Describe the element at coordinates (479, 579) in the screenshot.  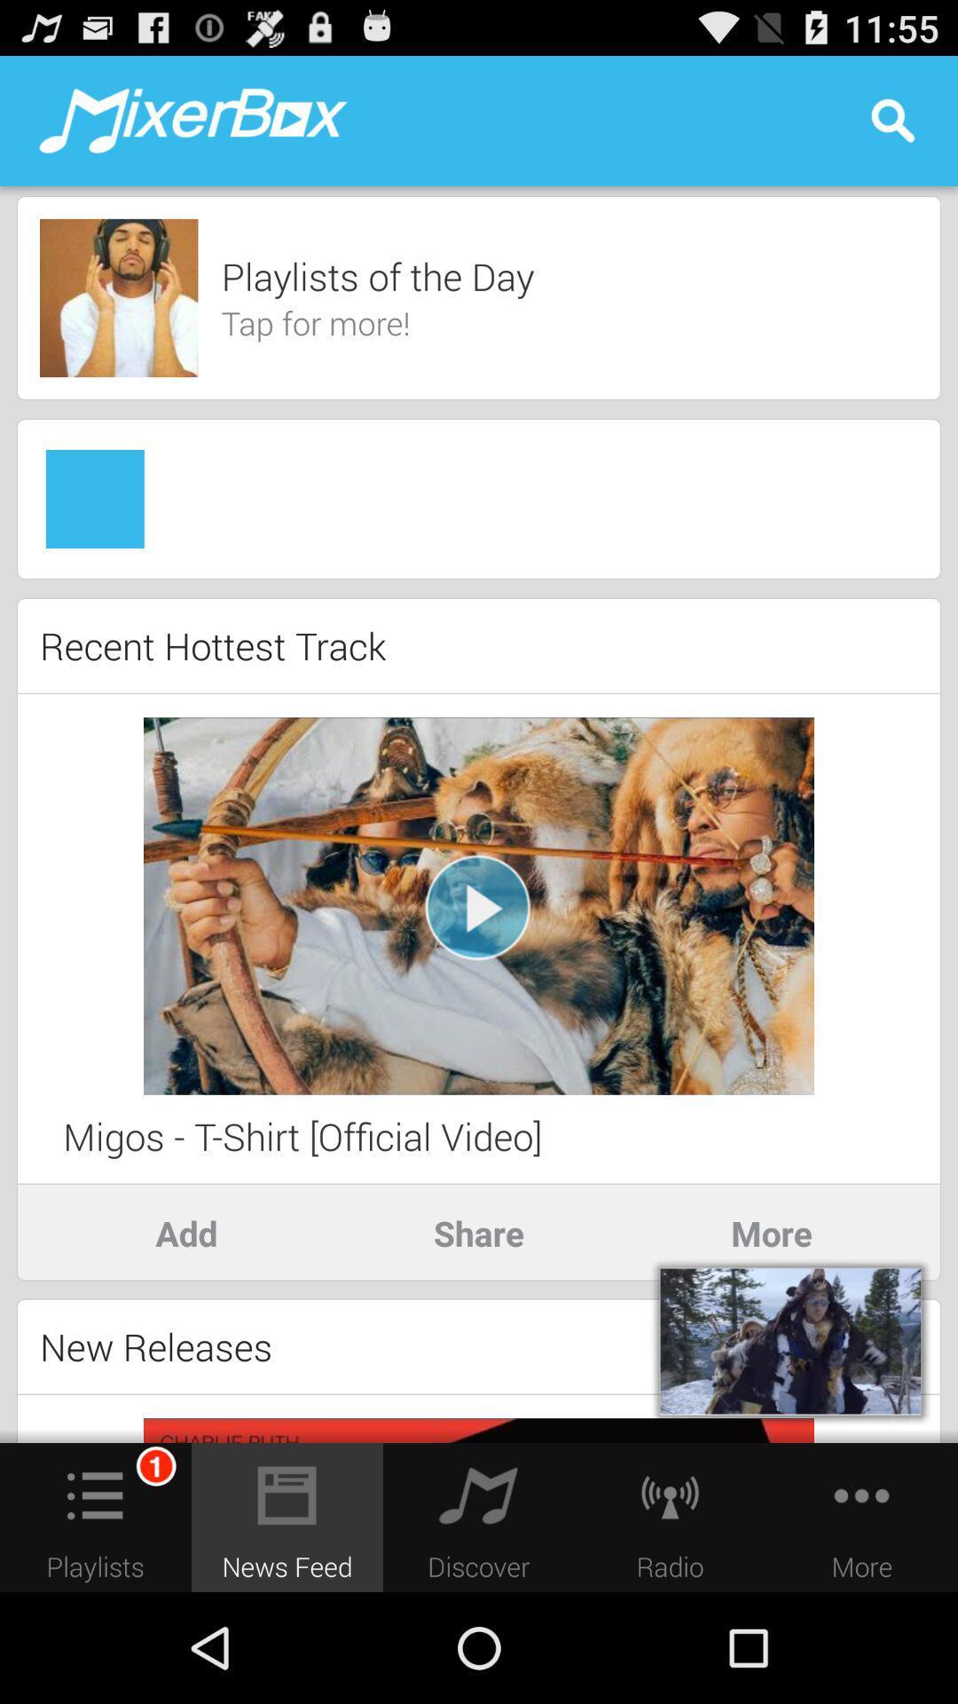
I see `the icon above the recent hottest track item` at that location.